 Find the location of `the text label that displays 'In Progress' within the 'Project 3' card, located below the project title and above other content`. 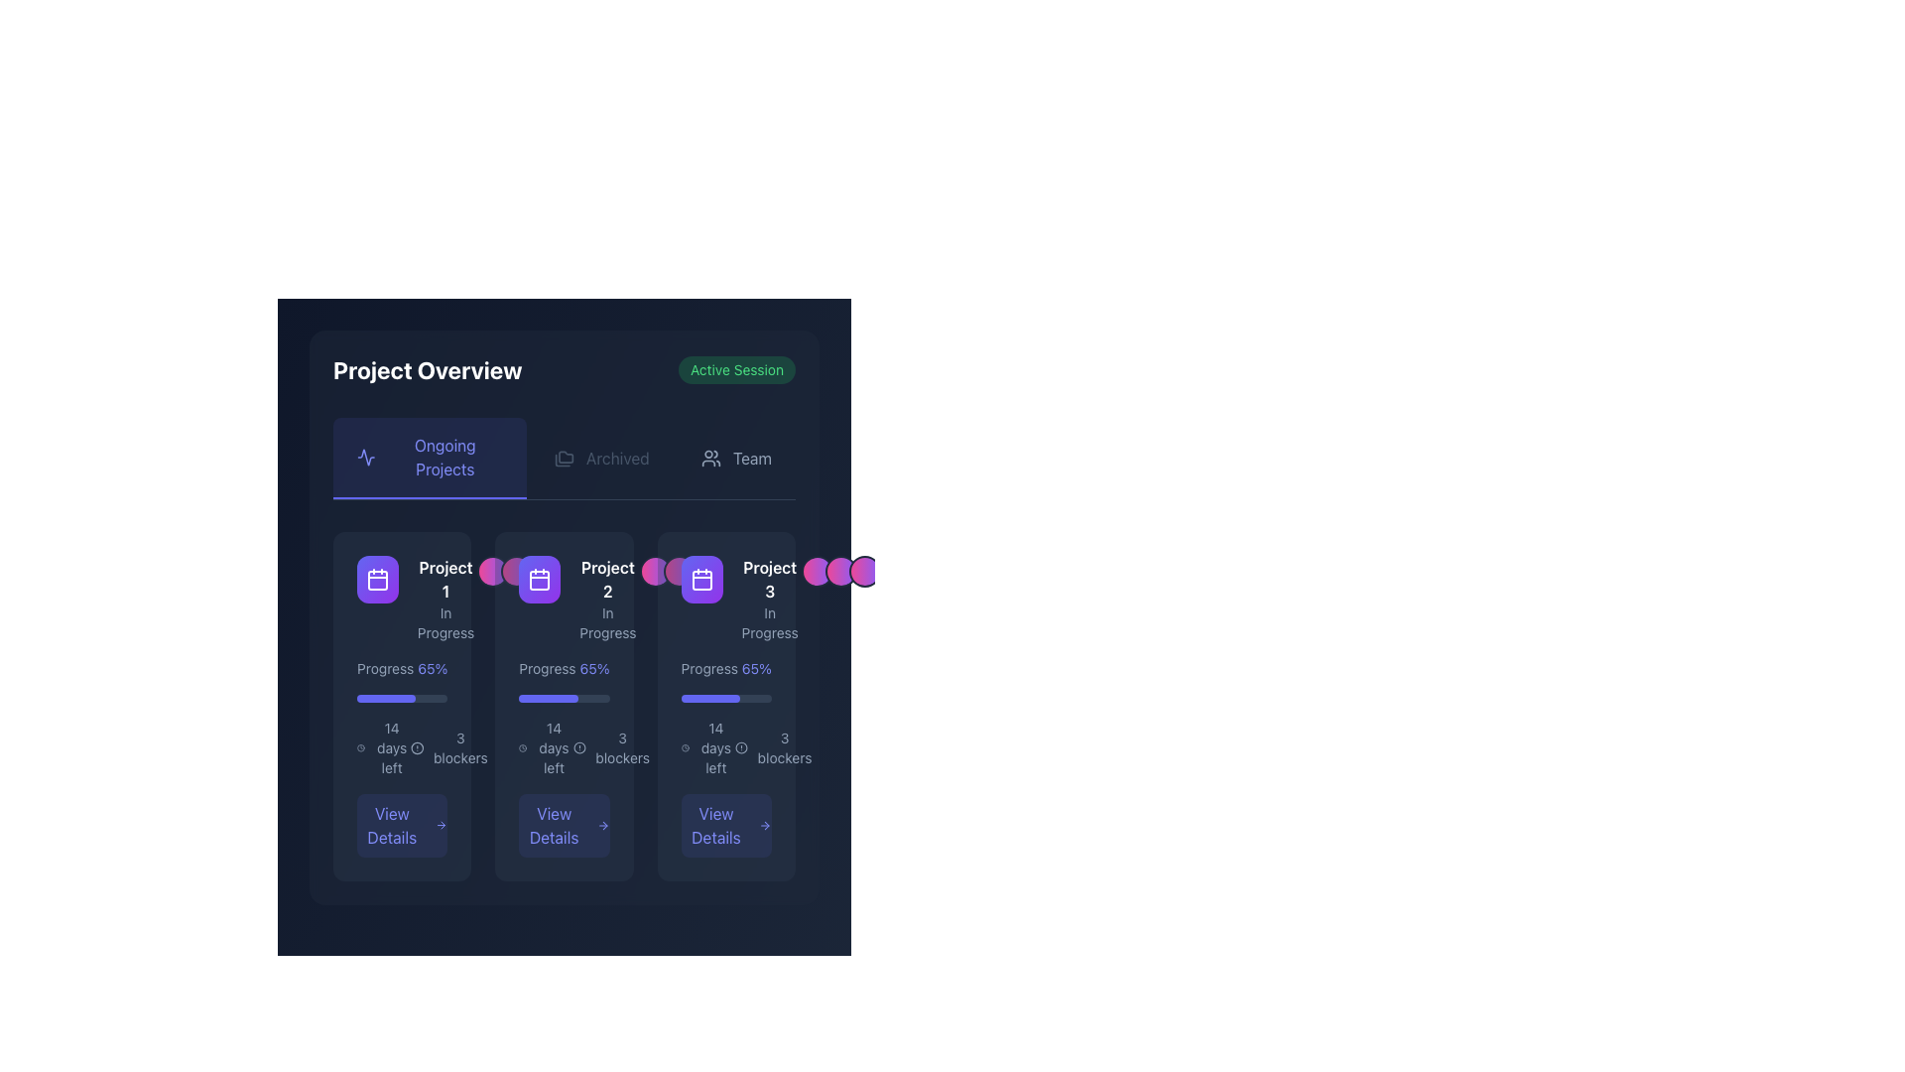

the text label that displays 'In Progress' within the 'Project 3' card, located below the project title and above other content is located at coordinates (769, 622).